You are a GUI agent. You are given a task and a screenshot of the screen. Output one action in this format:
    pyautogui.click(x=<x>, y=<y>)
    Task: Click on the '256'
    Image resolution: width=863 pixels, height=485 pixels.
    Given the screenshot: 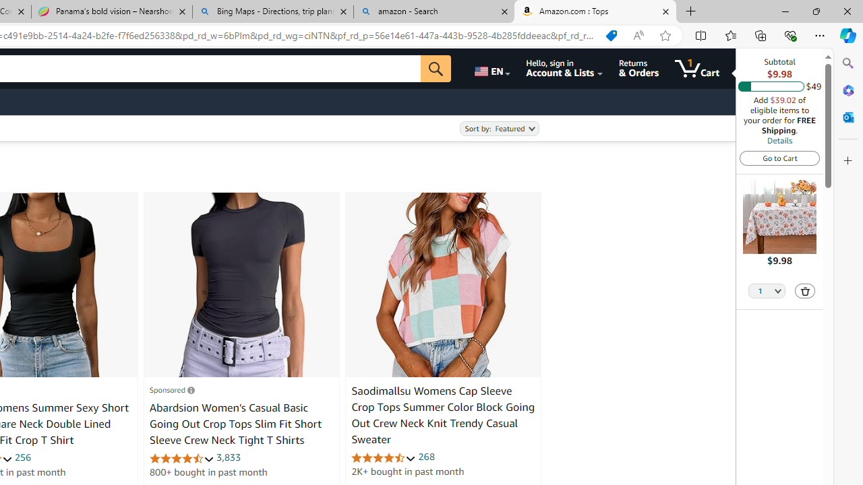 What is the action you would take?
    pyautogui.click(x=22, y=456)
    